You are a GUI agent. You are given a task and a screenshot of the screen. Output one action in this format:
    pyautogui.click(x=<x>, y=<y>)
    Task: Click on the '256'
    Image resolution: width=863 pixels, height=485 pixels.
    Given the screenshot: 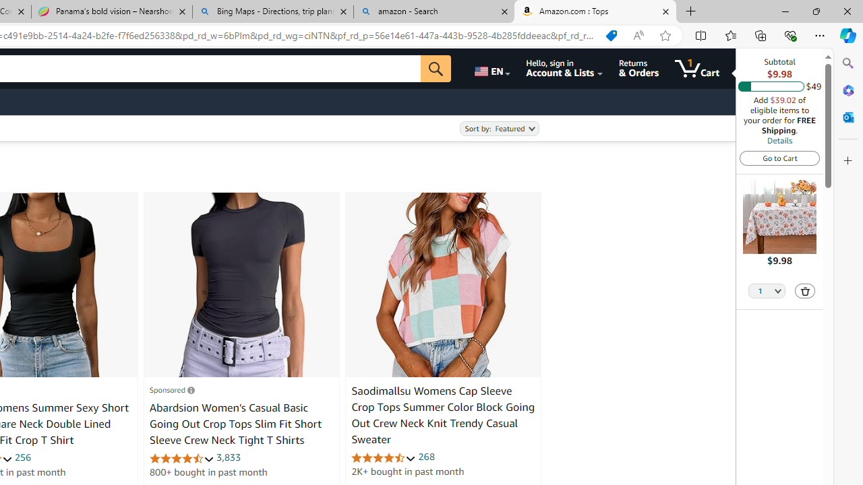 What is the action you would take?
    pyautogui.click(x=22, y=456)
    